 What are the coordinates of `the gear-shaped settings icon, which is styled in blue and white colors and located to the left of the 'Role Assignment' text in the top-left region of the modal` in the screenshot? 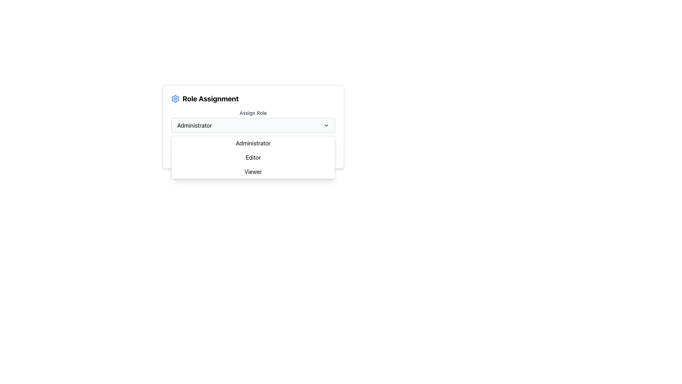 It's located at (175, 98).